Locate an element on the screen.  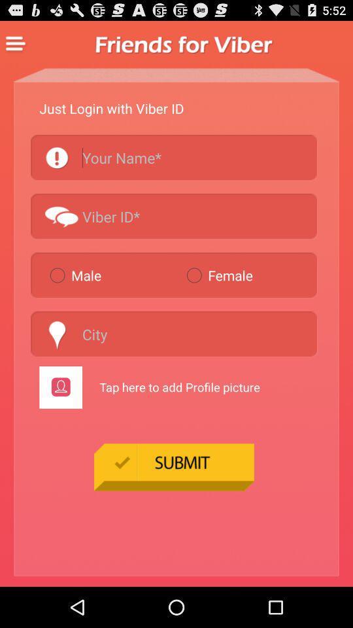
female is located at coordinates (249, 274).